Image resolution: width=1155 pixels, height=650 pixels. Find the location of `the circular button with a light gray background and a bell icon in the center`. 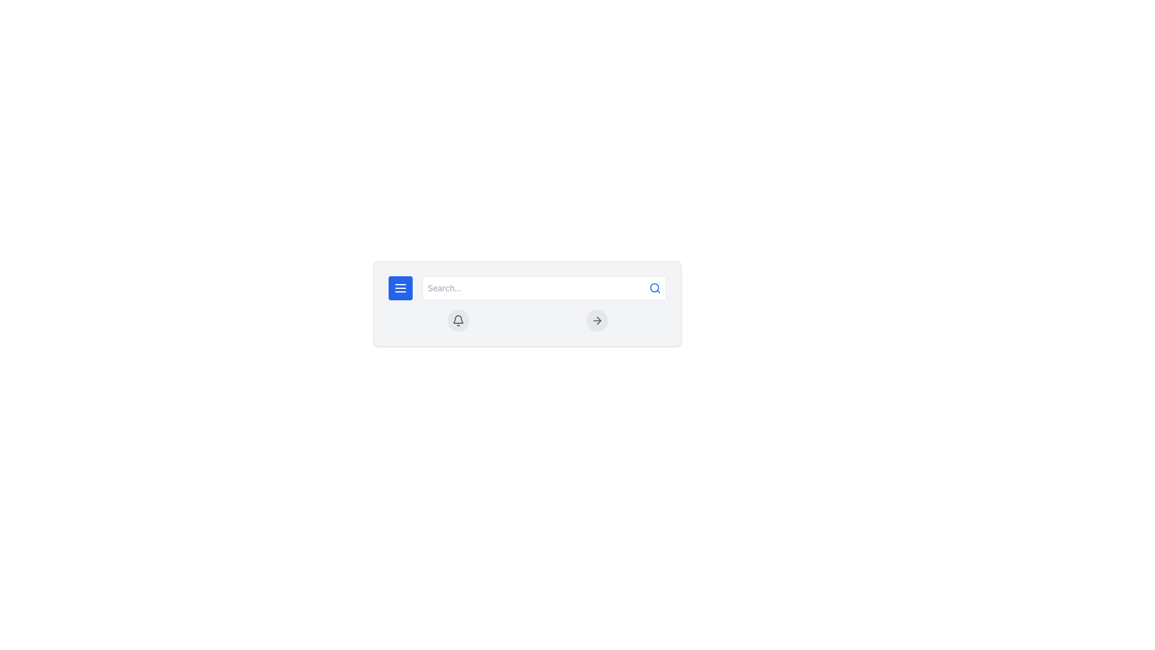

the circular button with a light gray background and a bell icon in the center is located at coordinates (457, 320).